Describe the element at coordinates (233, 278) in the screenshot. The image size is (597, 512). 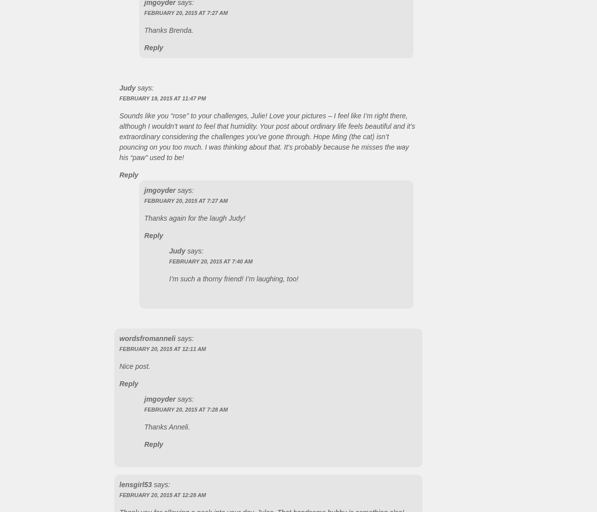
I see `'I’m such a thorny friend! I’m laughing, too!'` at that location.